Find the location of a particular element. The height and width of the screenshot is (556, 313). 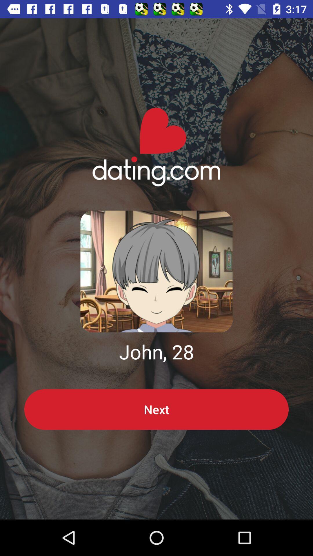

profile image is located at coordinates (156, 271).